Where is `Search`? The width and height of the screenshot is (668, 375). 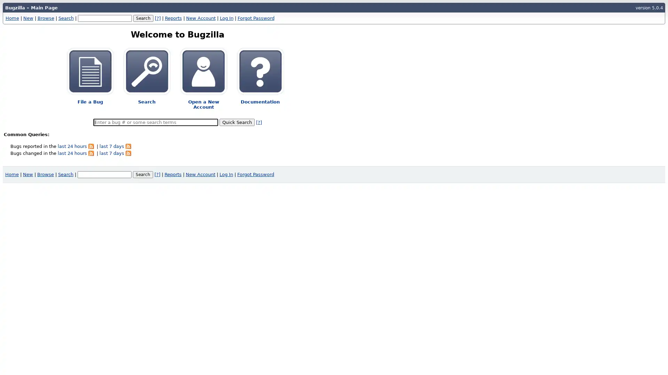 Search is located at coordinates (143, 17).